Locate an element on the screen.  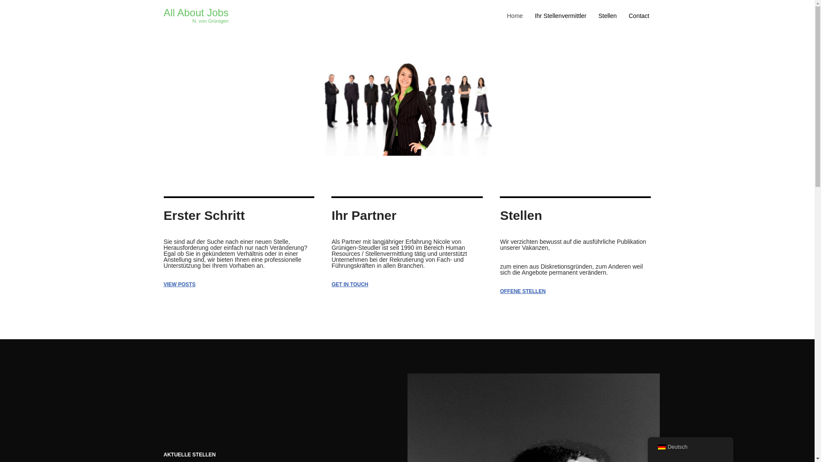
'OFFENE STELLEN' is located at coordinates (522, 291).